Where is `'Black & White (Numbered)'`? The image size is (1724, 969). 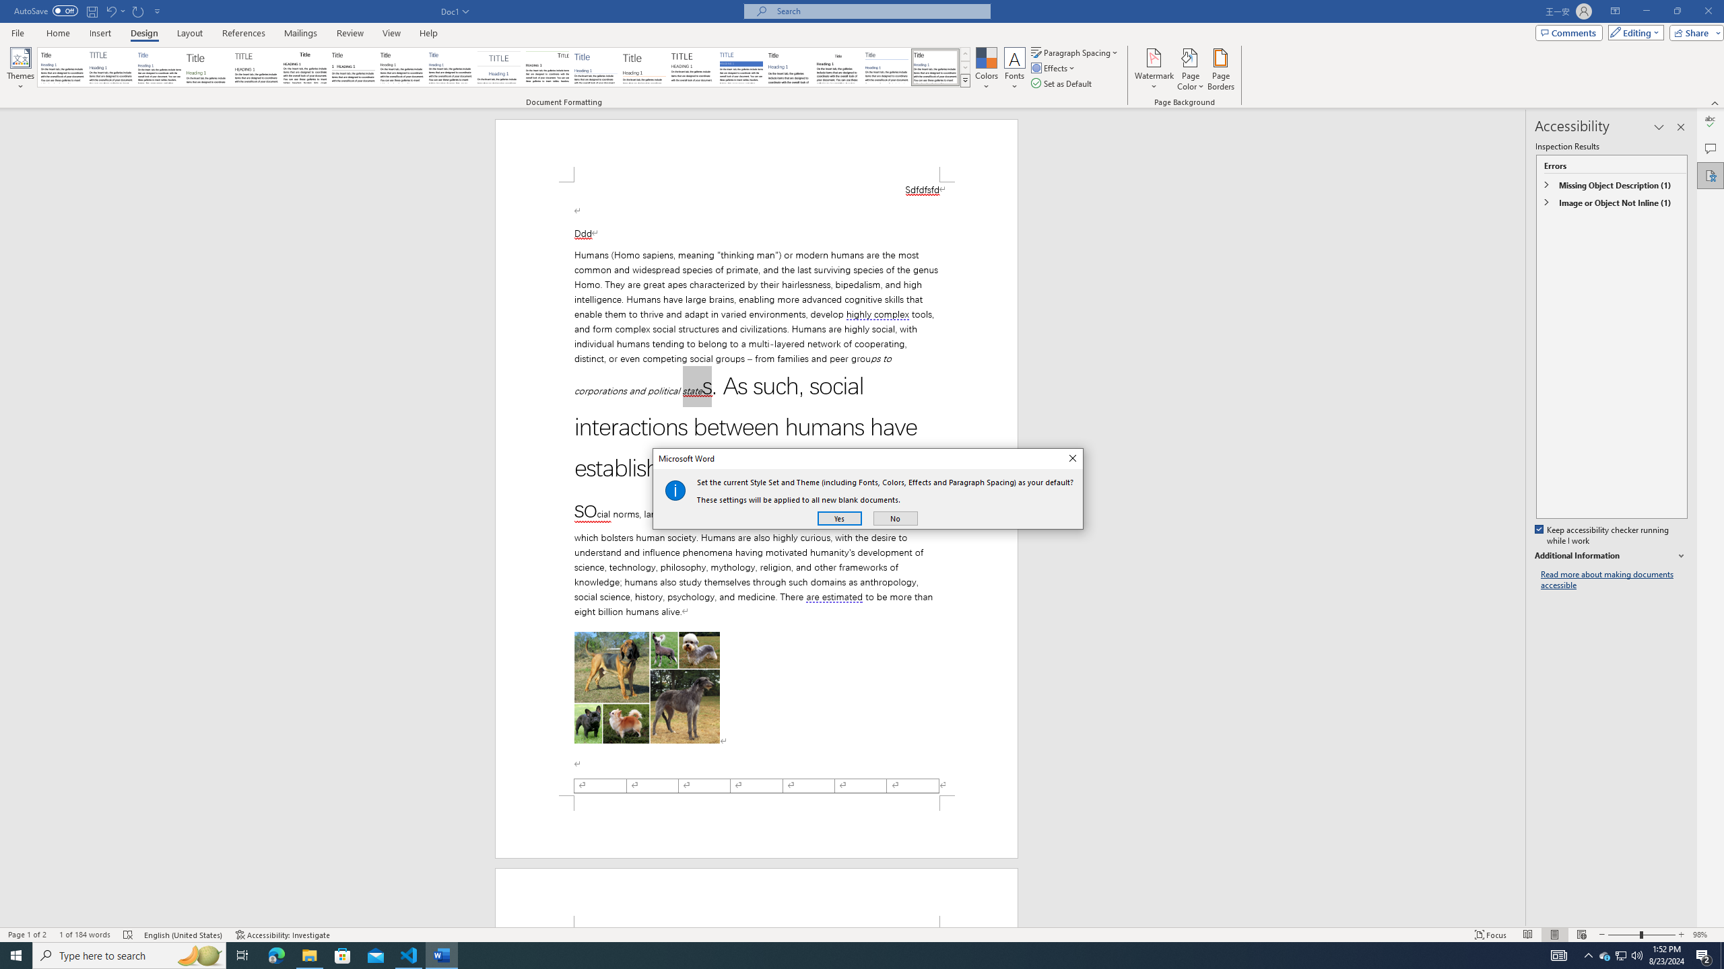
'Black & White (Numbered)' is located at coordinates (352, 67).